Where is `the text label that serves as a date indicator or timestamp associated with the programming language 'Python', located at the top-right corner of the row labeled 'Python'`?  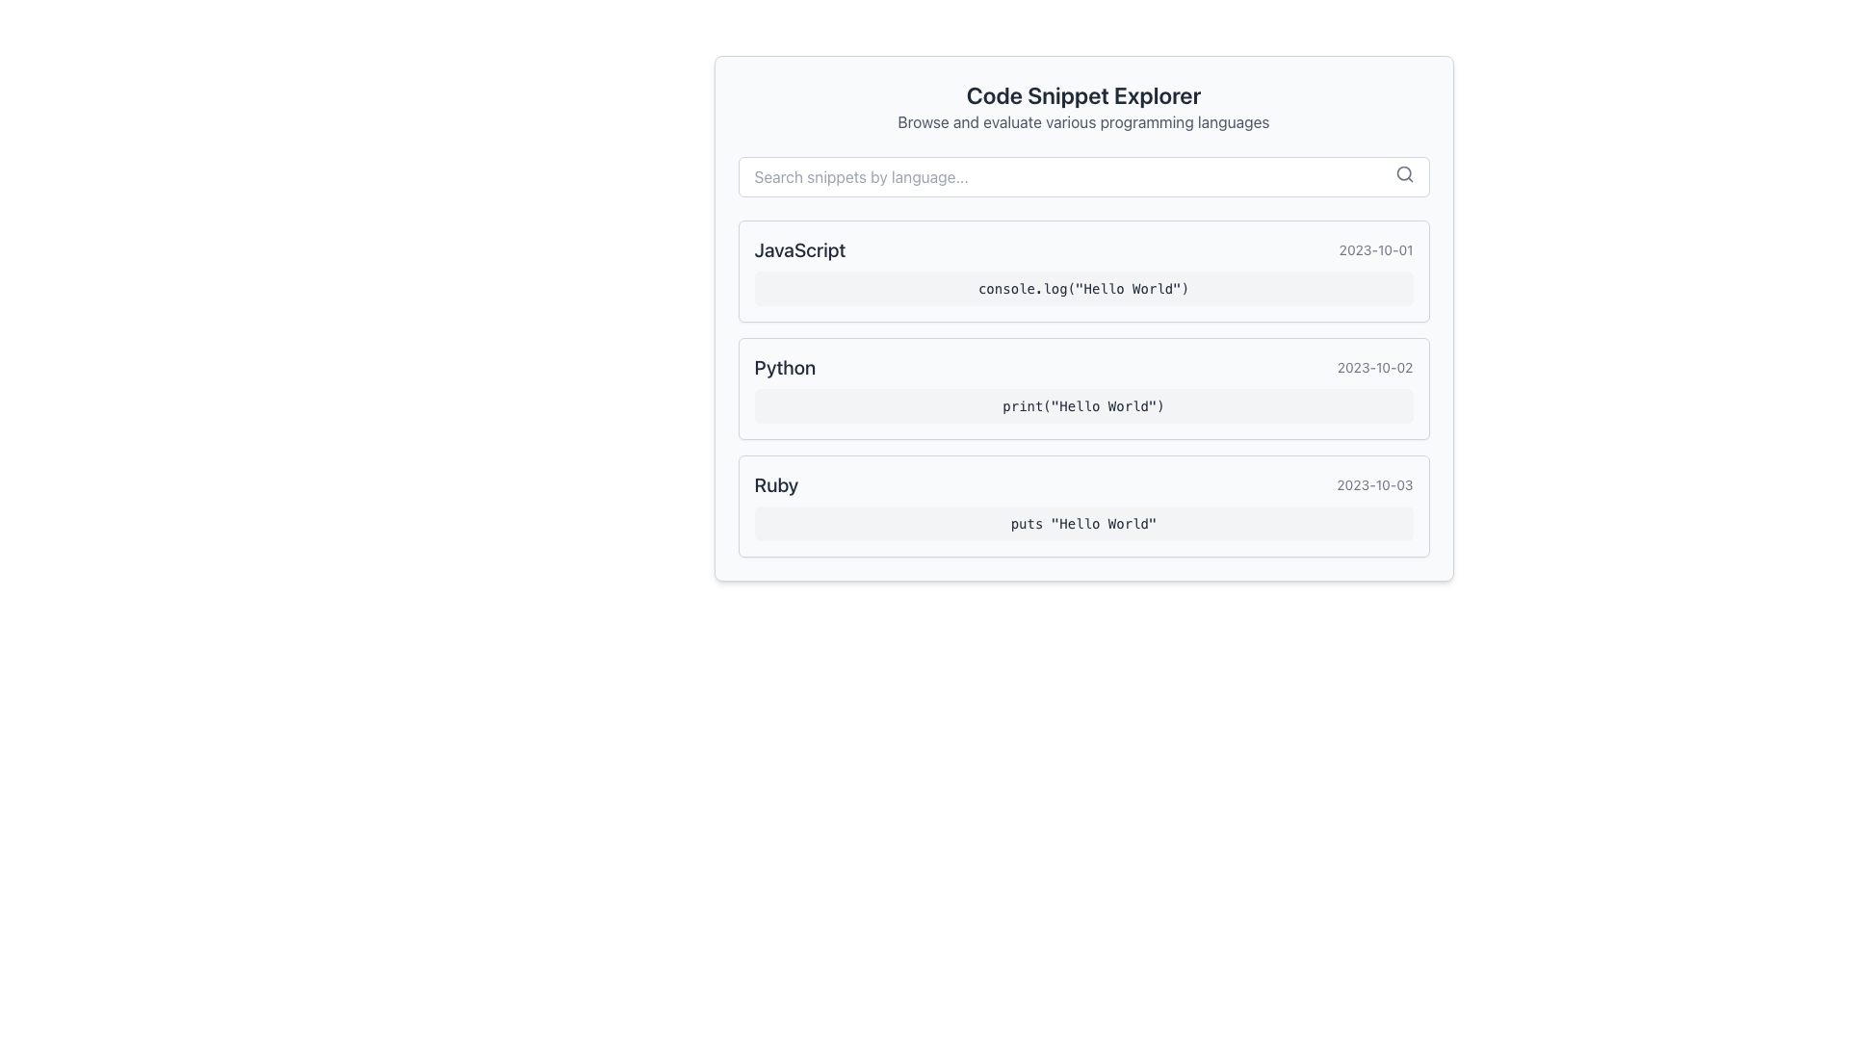 the text label that serves as a date indicator or timestamp associated with the programming language 'Python', located at the top-right corner of the row labeled 'Python' is located at coordinates (1374, 367).